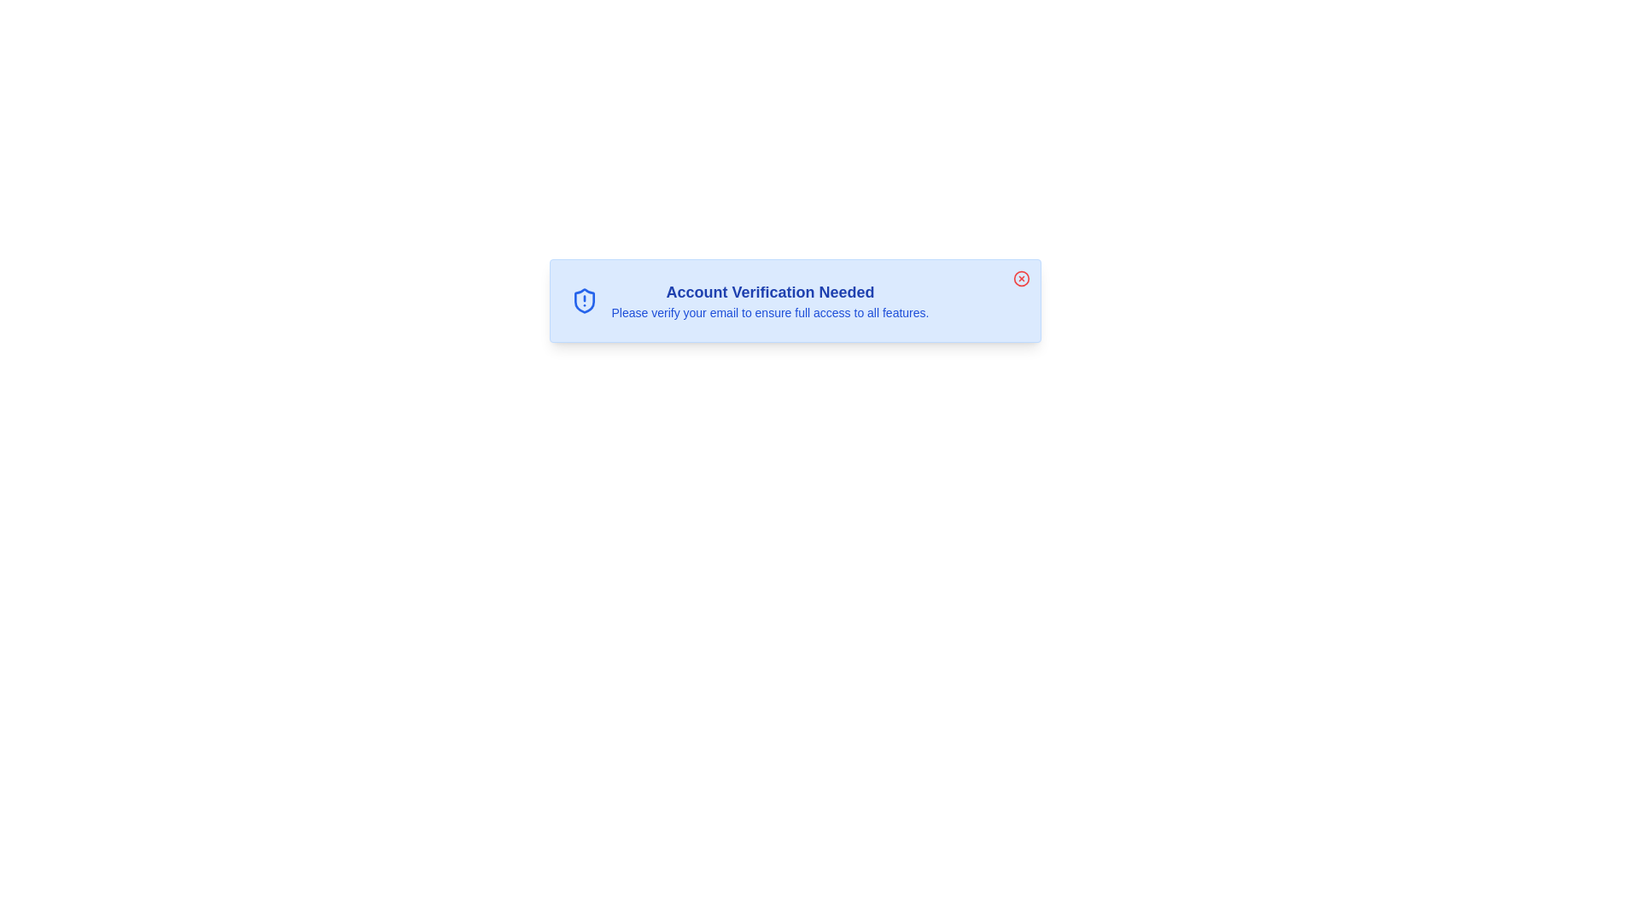  I want to click on the close button located at the top-right corner of the notification panel for dismissing the notification with the text 'Account Verification Needed', so click(1021, 278).